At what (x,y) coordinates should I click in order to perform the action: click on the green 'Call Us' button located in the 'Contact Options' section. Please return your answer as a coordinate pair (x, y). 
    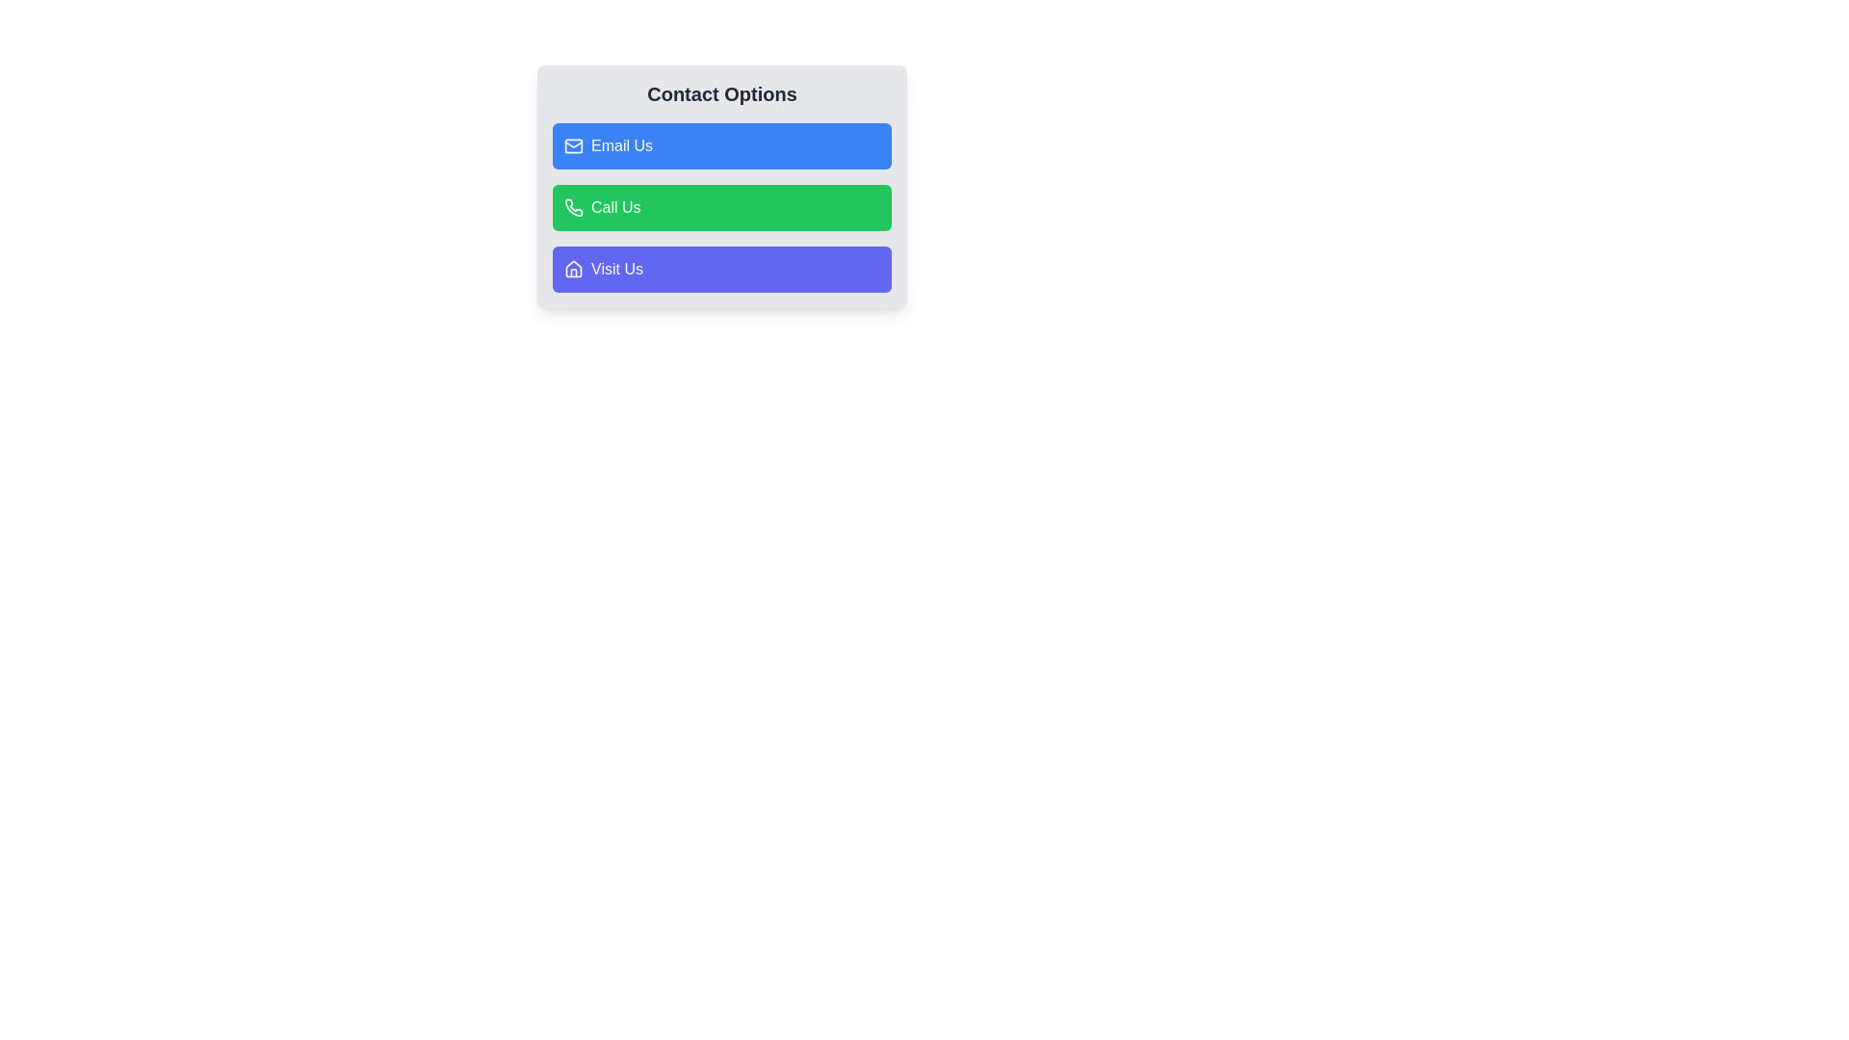
    Looking at the image, I should click on (720, 208).